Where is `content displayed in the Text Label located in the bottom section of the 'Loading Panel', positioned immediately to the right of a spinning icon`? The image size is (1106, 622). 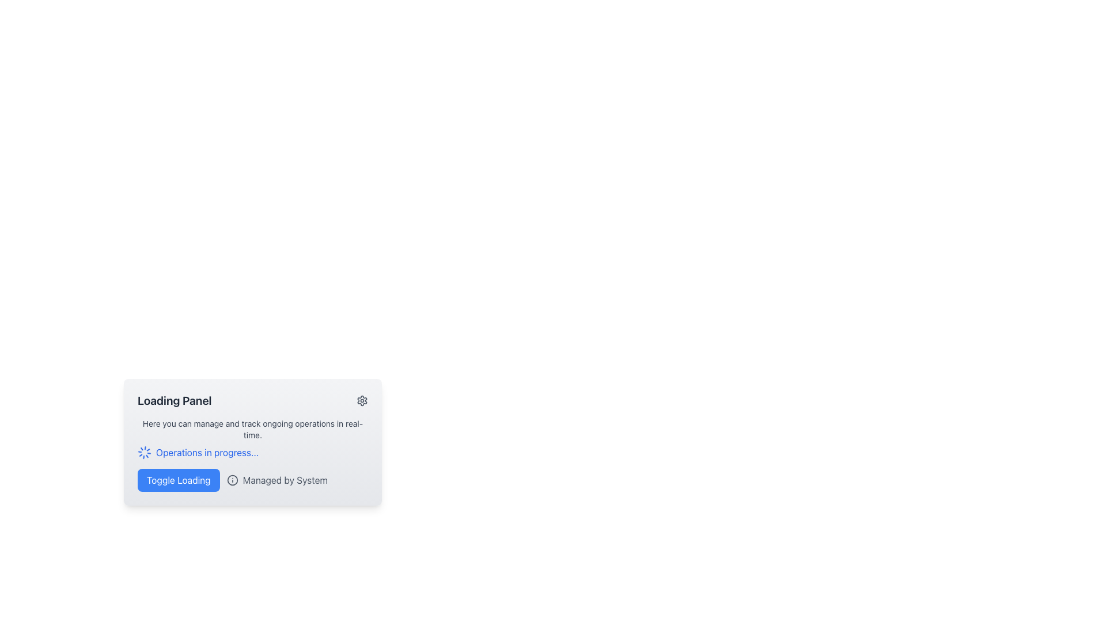 content displayed in the Text Label located in the bottom section of the 'Loading Panel', positioned immediately to the right of a spinning icon is located at coordinates (207, 452).